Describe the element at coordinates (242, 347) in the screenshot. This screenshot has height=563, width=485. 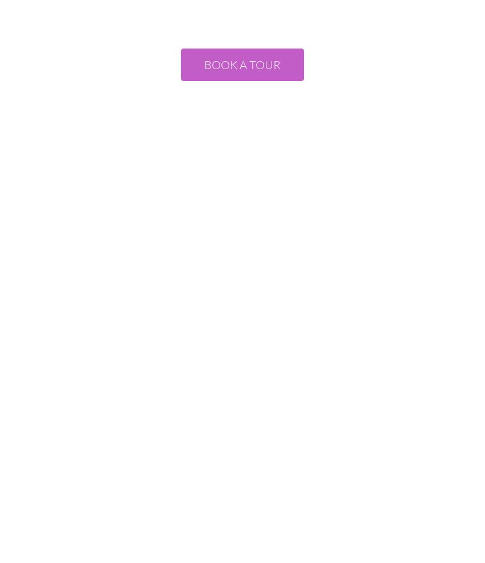
I see `'4 Inglis Place, Brightons, Falkirk, FK2 0TE, Scotland'` at that location.